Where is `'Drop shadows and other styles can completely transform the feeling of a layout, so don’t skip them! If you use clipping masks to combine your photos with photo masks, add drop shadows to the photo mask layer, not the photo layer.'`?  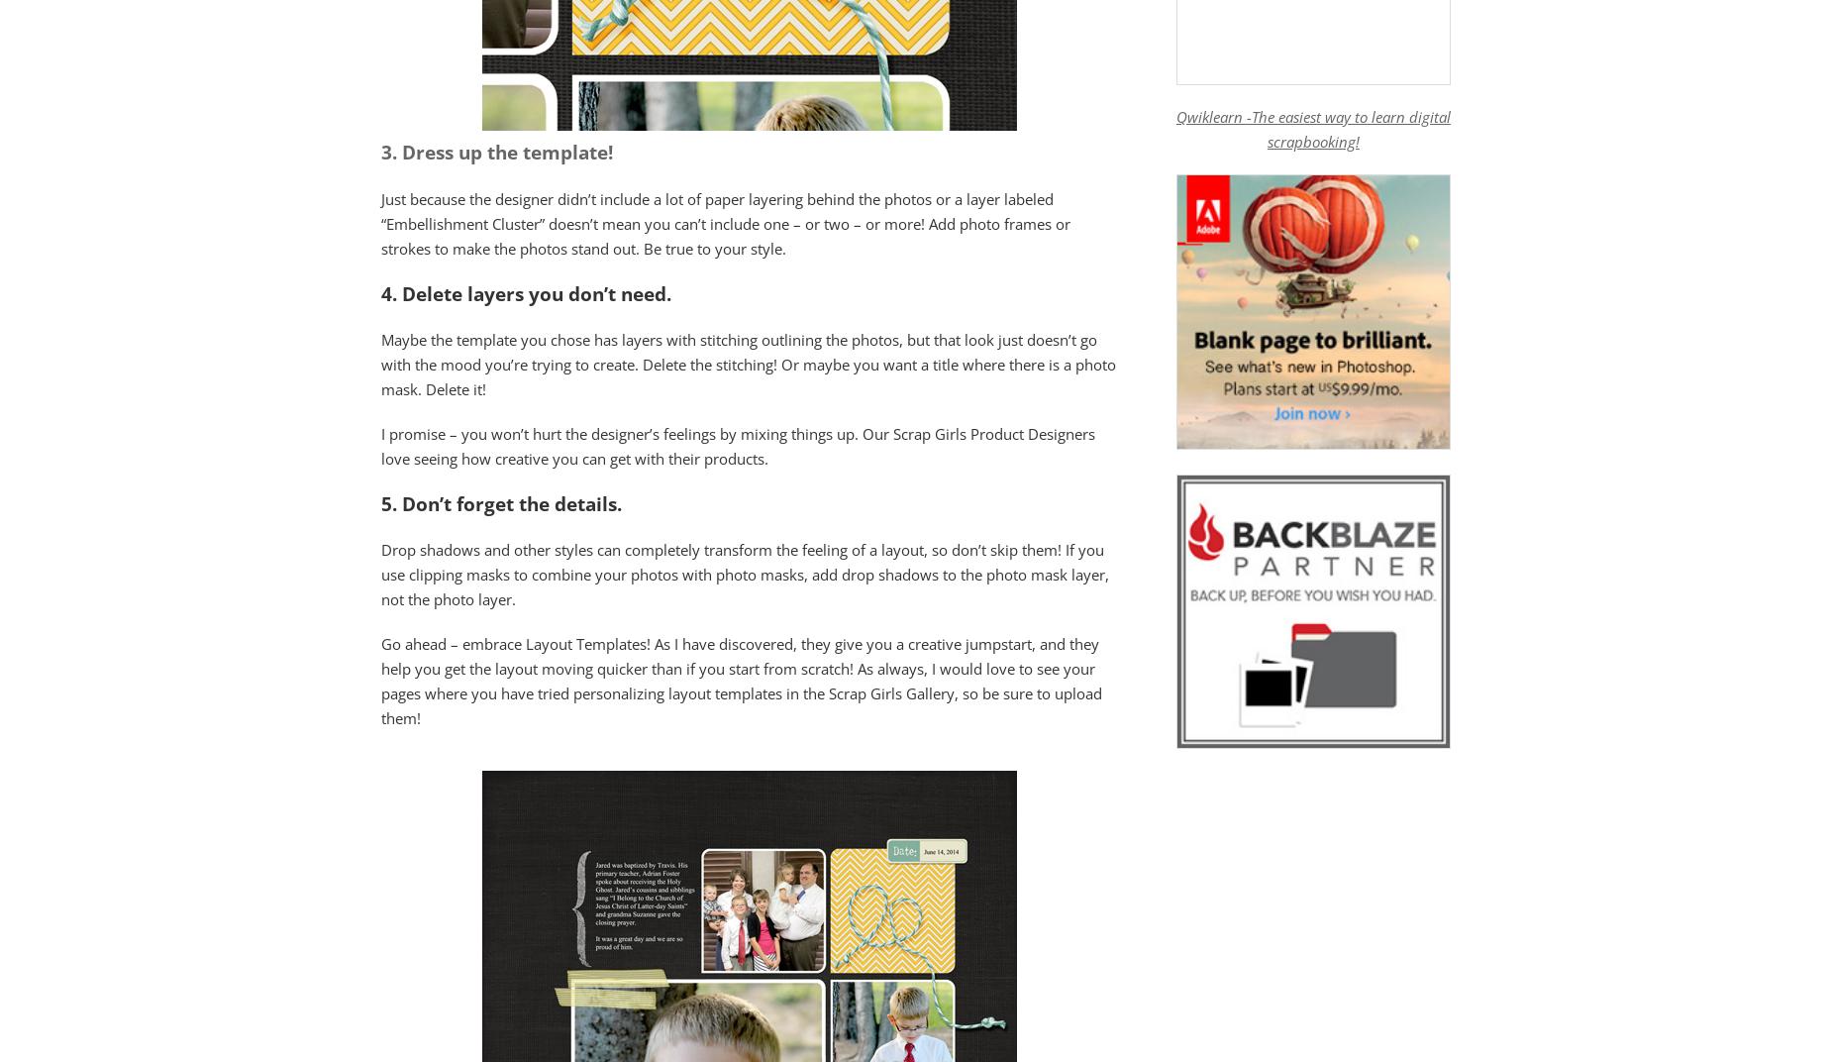 'Drop shadows and other styles can completely transform the feeling of a layout, so don’t skip them! If you use clipping masks to combine your photos with photo masks, add drop shadows to the photo mask layer, not the photo layer.' is located at coordinates (745, 572).